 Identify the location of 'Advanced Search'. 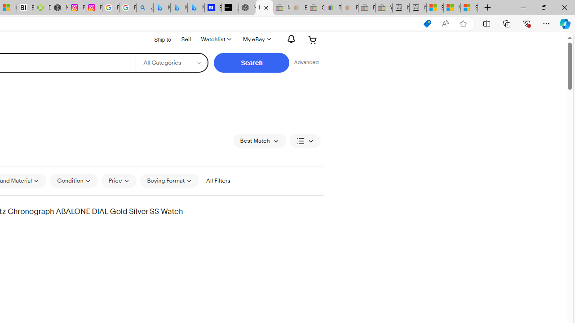
(306, 62).